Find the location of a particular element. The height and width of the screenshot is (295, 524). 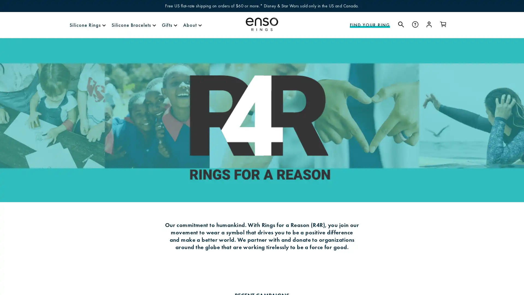

Gifts is located at coordinates (166, 25).